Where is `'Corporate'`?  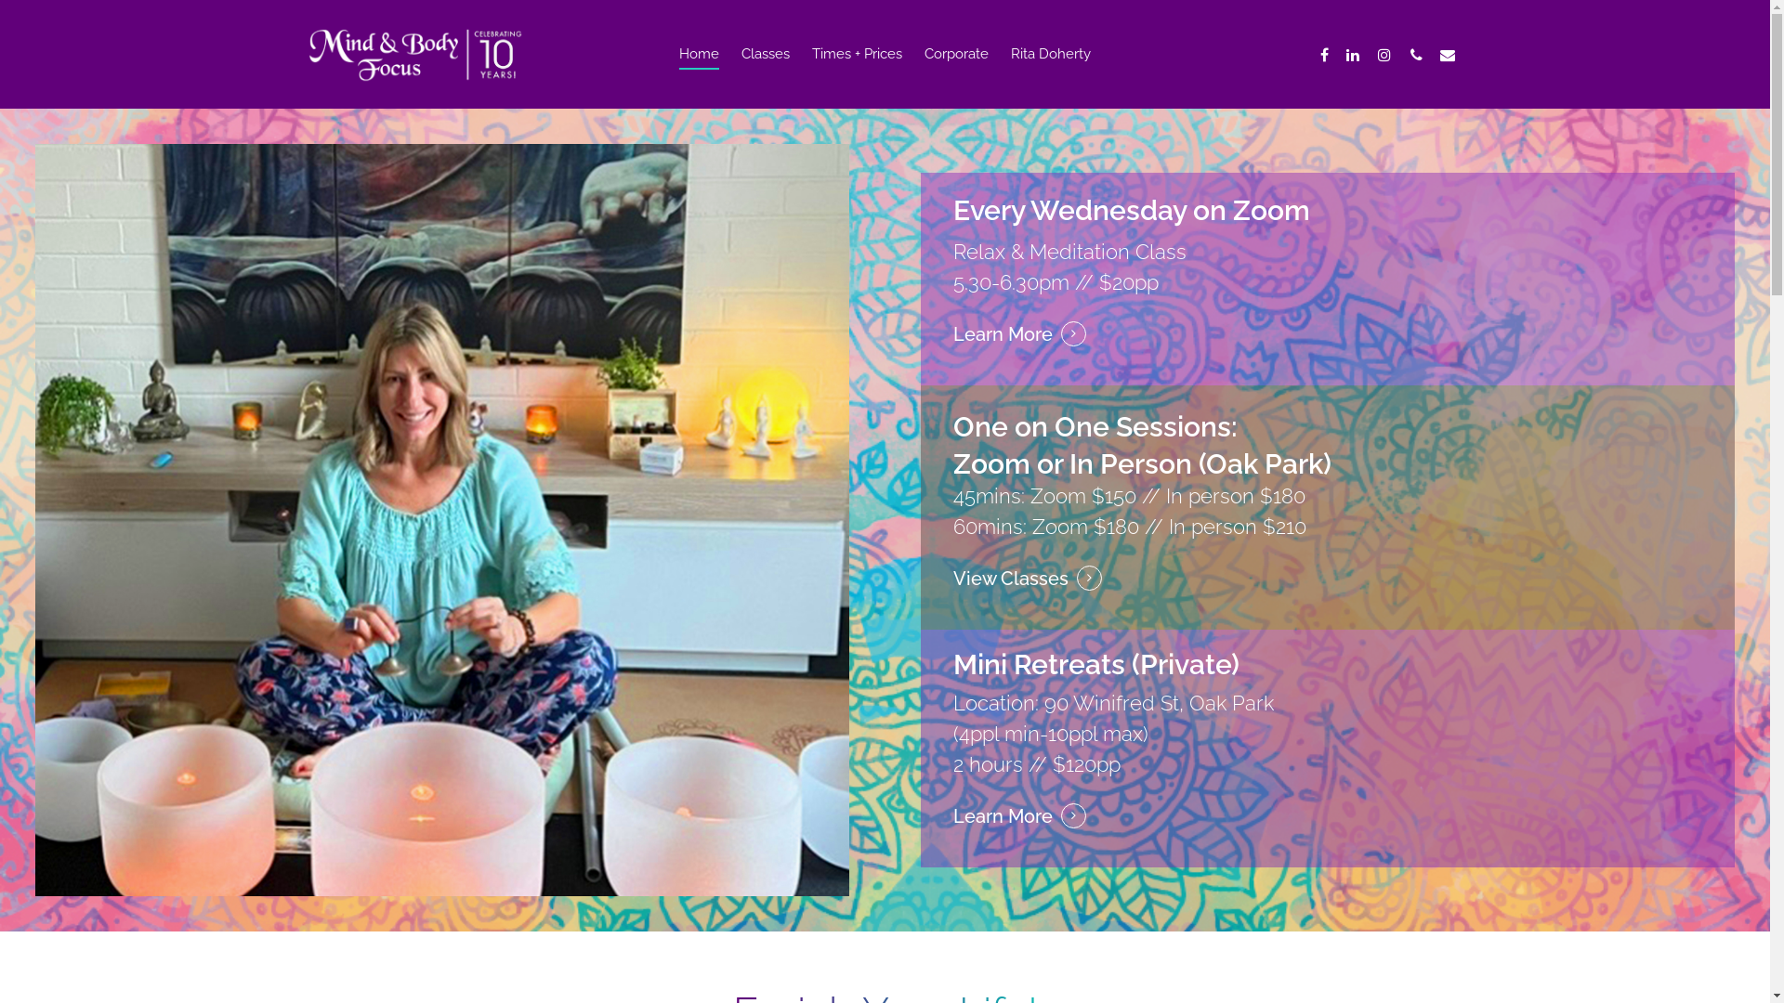
'Corporate' is located at coordinates (956, 67).